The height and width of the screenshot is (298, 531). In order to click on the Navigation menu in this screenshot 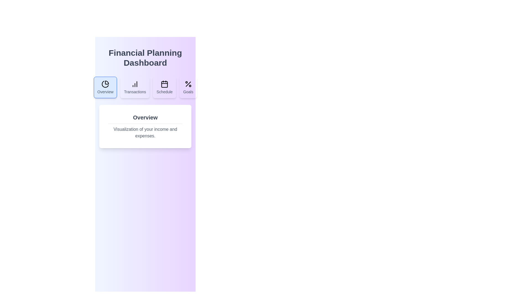, I will do `click(145, 87)`.